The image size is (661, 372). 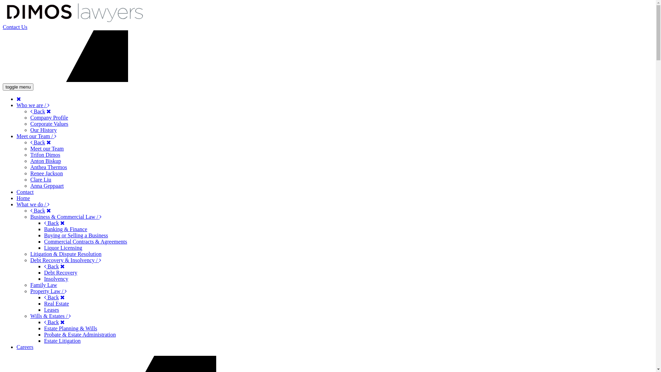 I want to click on 'Litigation & Dispute Resolution', so click(x=66, y=254).